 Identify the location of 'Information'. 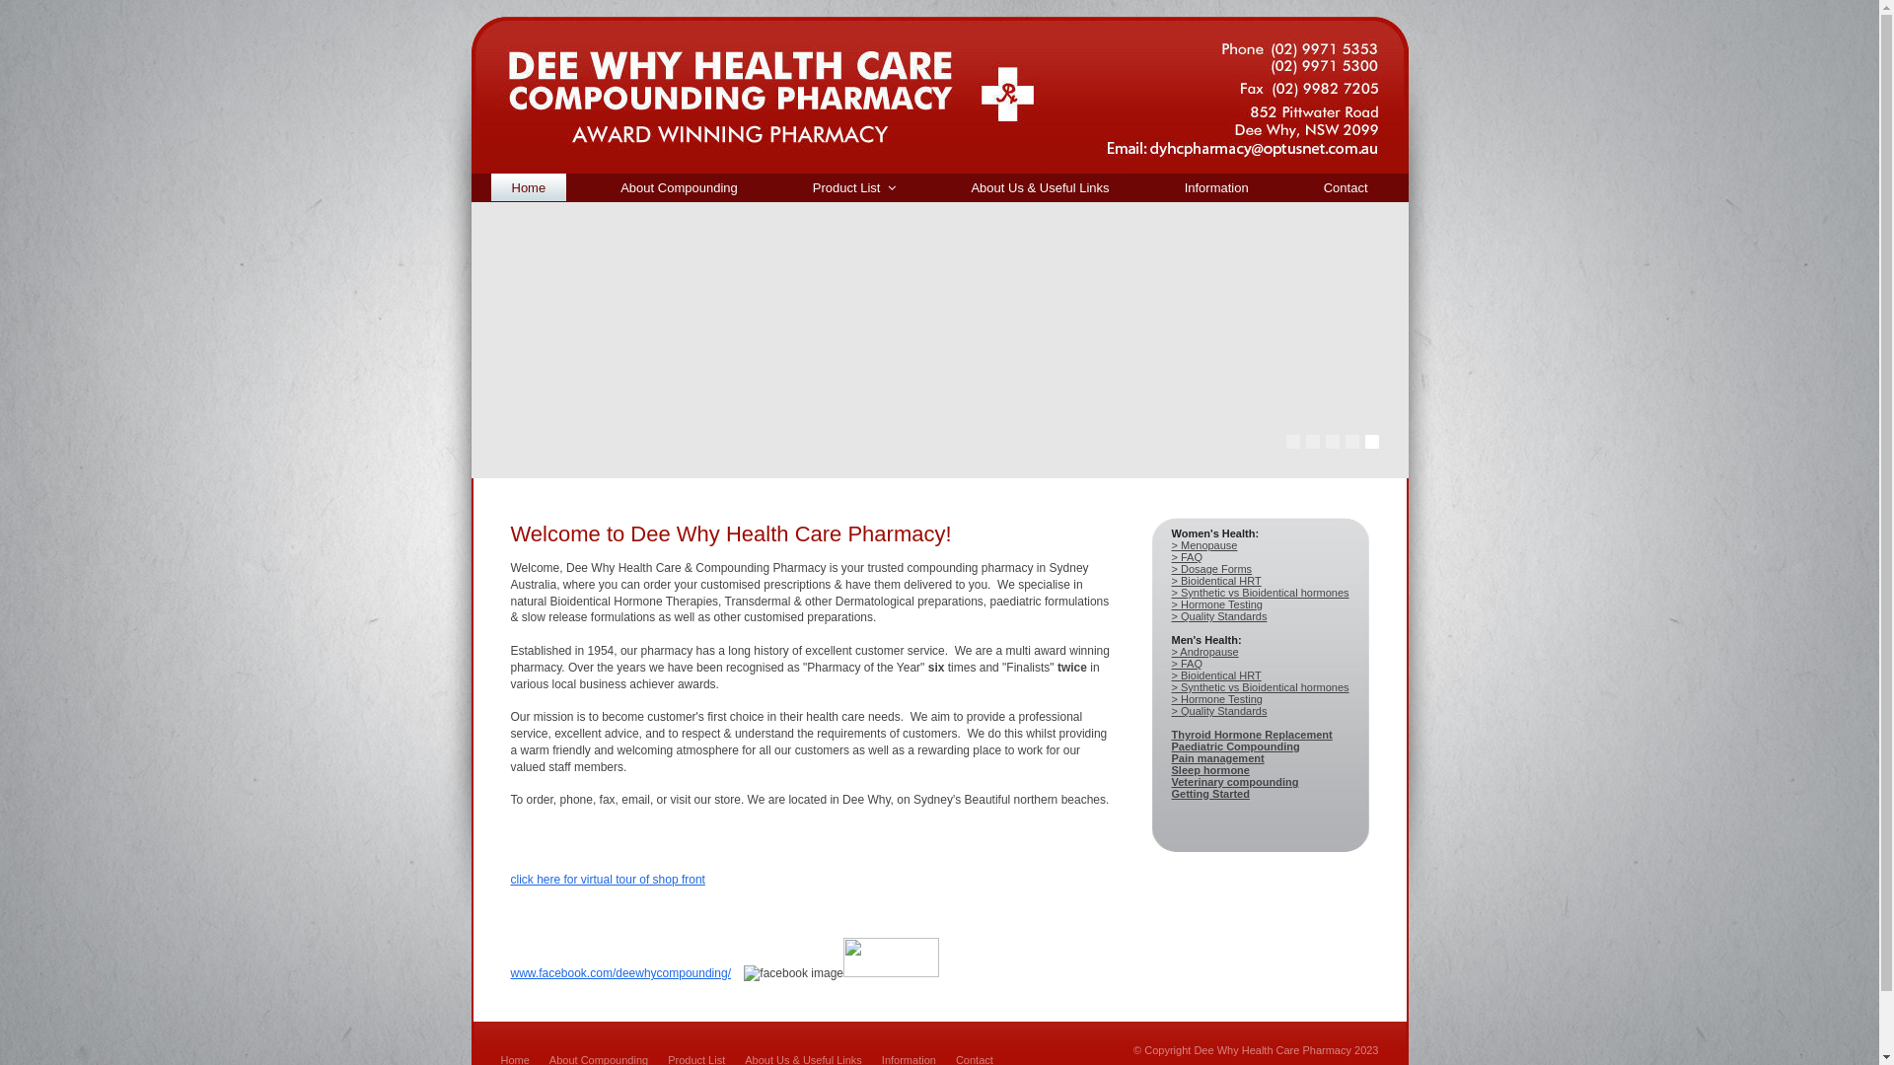
(1215, 187).